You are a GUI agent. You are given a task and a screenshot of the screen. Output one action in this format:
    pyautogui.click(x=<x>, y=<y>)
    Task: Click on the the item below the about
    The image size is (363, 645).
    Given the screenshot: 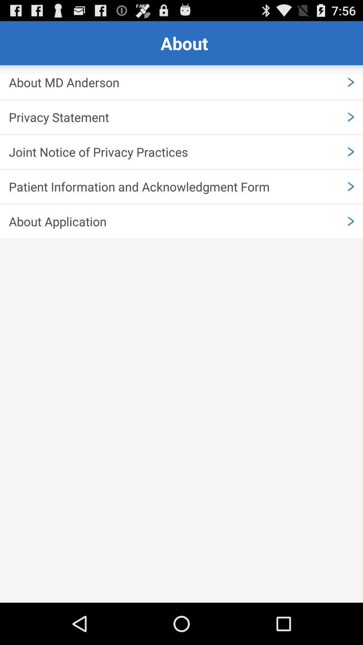 What is the action you would take?
    pyautogui.click(x=182, y=82)
    